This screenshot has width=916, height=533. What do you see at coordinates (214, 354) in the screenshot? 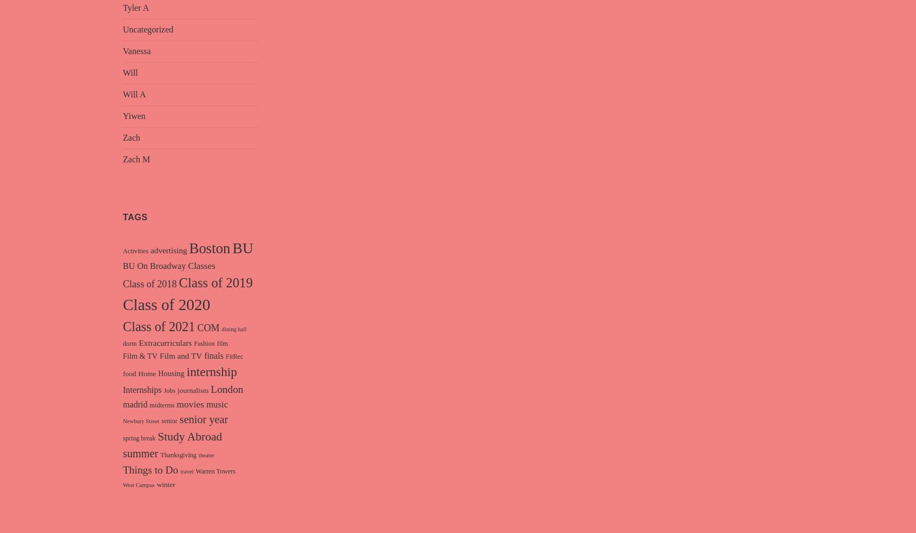
I see `'finals'` at bounding box center [214, 354].